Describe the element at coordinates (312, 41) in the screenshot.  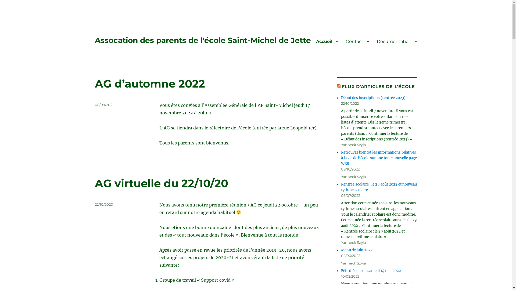
I see `'Accueil'` at that location.